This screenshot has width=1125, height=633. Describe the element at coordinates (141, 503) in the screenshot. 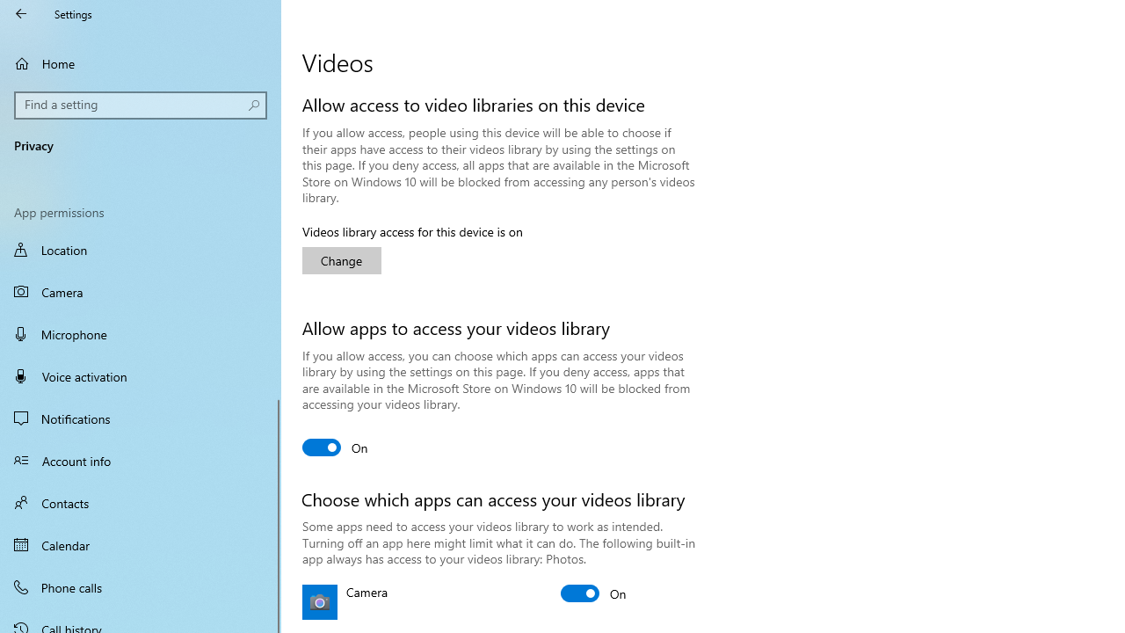

I see `'Contacts'` at that location.